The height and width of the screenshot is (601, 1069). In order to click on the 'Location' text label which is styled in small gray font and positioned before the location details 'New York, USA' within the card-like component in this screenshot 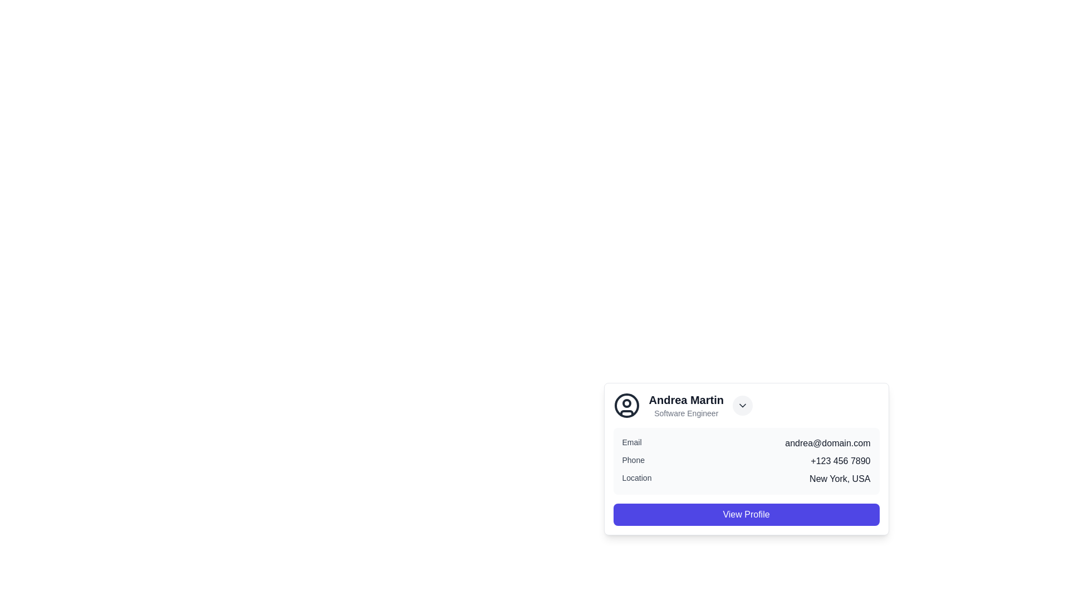, I will do `click(636, 478)`.